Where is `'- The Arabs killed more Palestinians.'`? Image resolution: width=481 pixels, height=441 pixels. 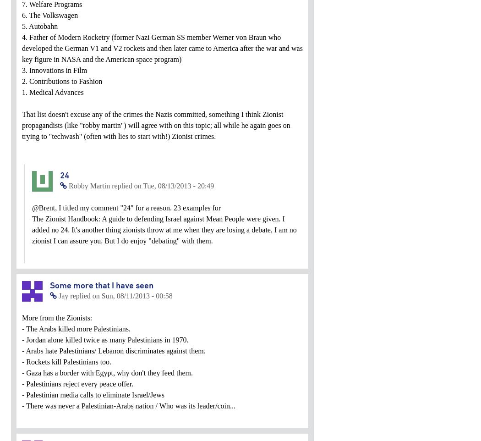
'- The Arabs killed more Palestinians.' is located at coordinates (76, 328).